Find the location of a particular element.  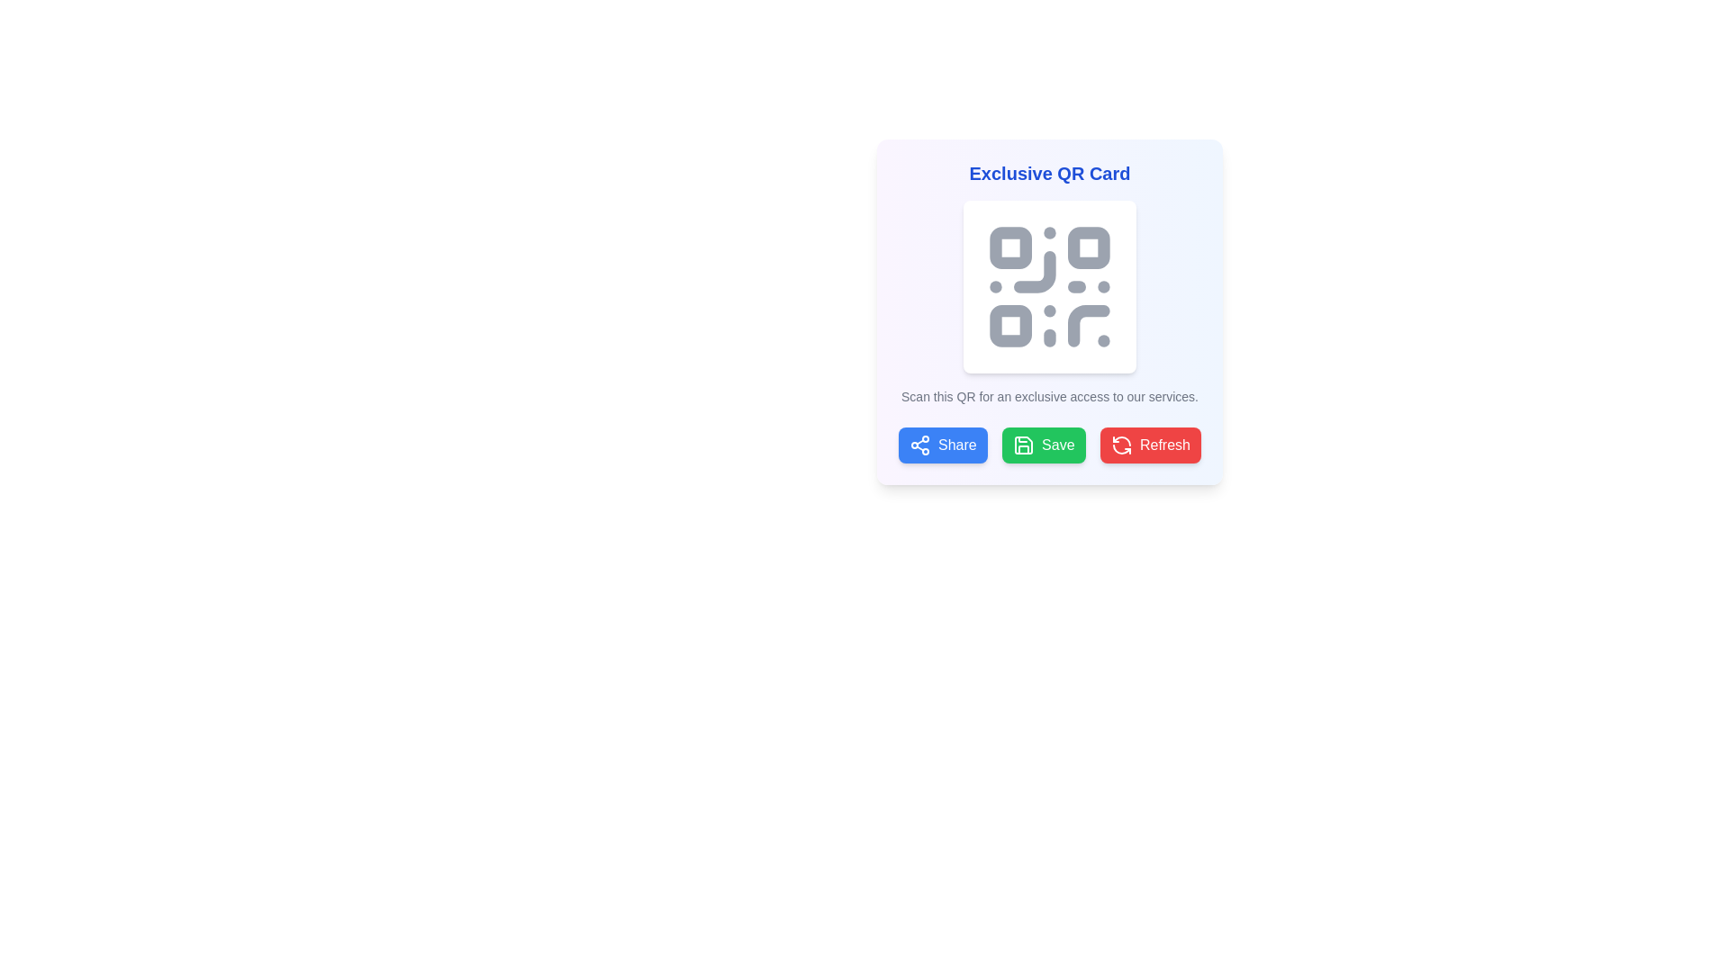

the 'Save' button located between the blue 'Share' button and the red 'Refresh' button is located at coordinates (1044, 445).